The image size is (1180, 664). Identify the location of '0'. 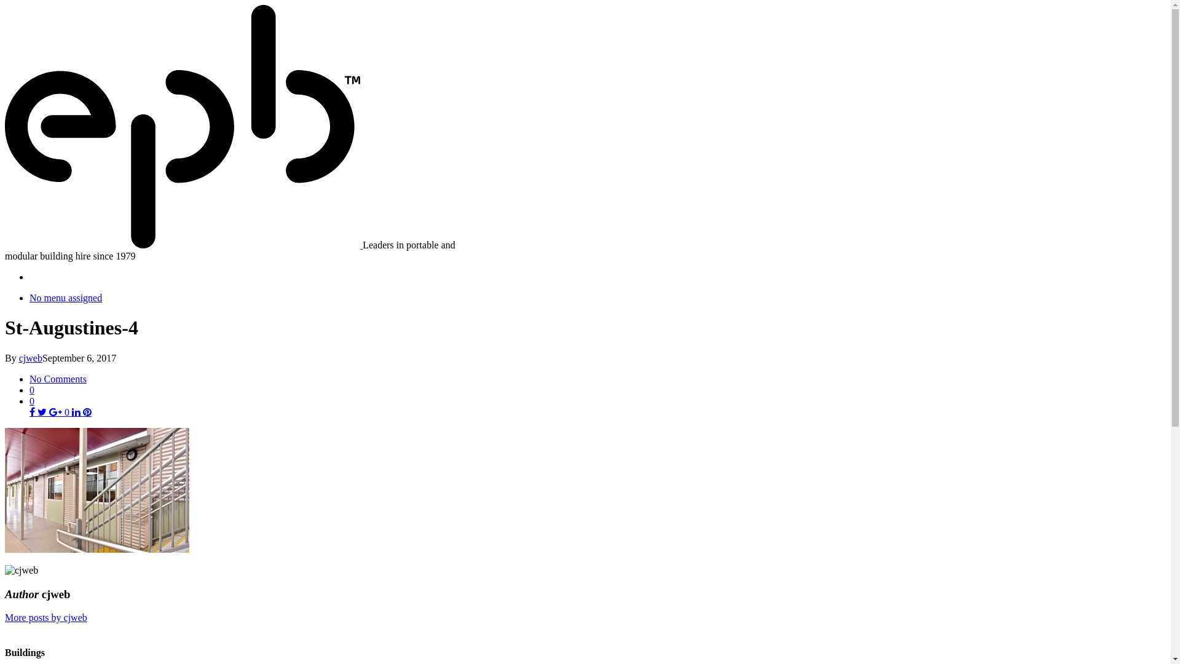
(597, 390).